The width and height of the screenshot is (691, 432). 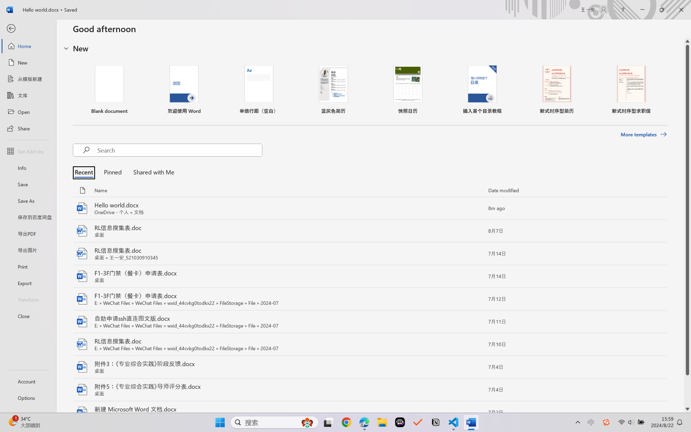 What do you see at coordinates (85, 172) in the screenshot?
I see `'Recent'` at bounding box center [85, 172].